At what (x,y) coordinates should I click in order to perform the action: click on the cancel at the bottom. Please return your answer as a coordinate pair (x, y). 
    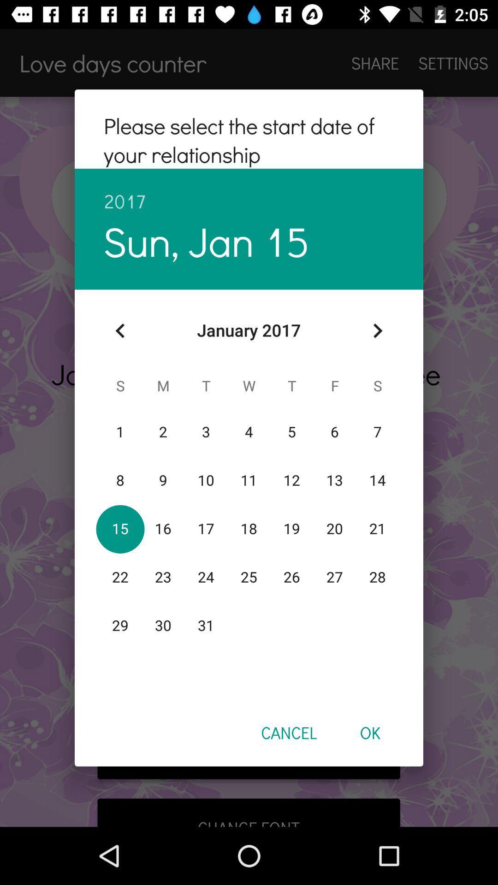
    Looking at the image, I should click on (288, 732).